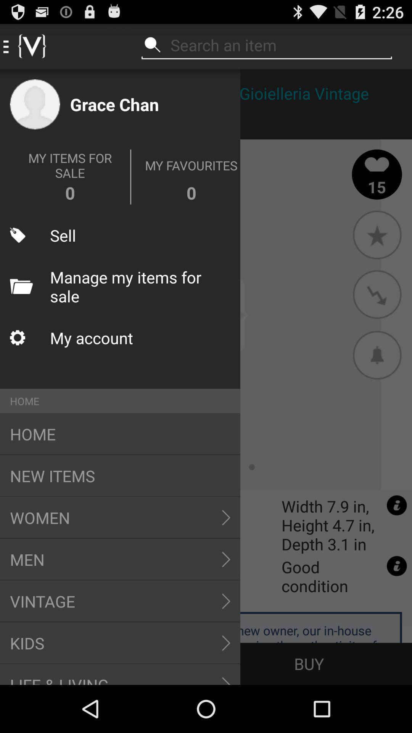  Describe the element at coordinates (377, 294) in the screenshot. I see `the icon present above the bell icon` at that location.